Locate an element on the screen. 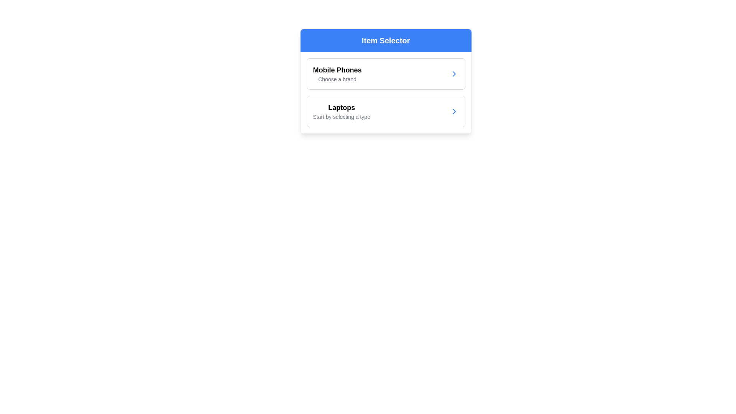 The image size is (736, 414). the text label that provides instructions related to the 'Laptops' category, located directly below the title 'Laptops' is located at coordinates (341, 117).